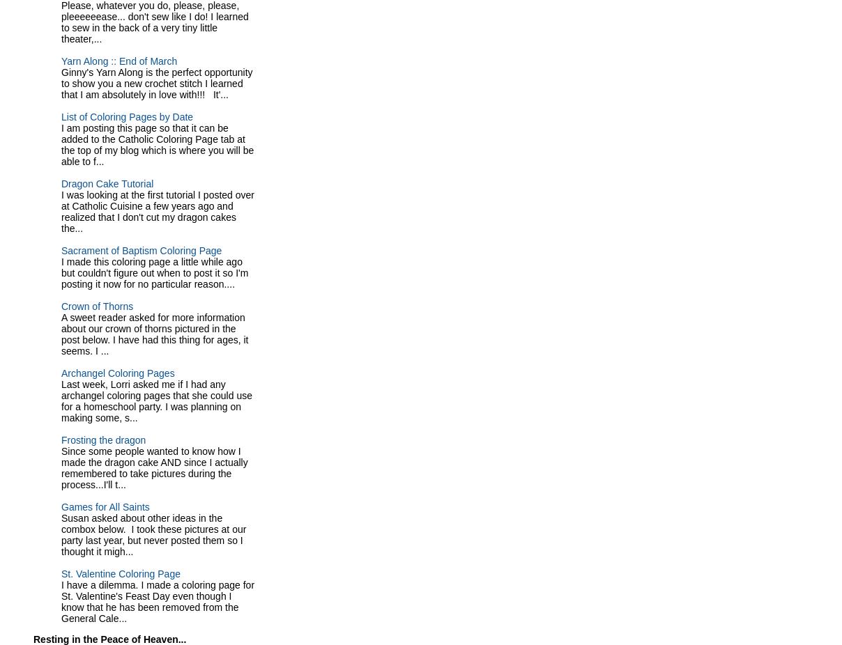 The image size is (842, 645). What do you see at coordinates (105, 507) in the screenshot?
I see `'Games for All Saints'` at bounding box center [105, 507].